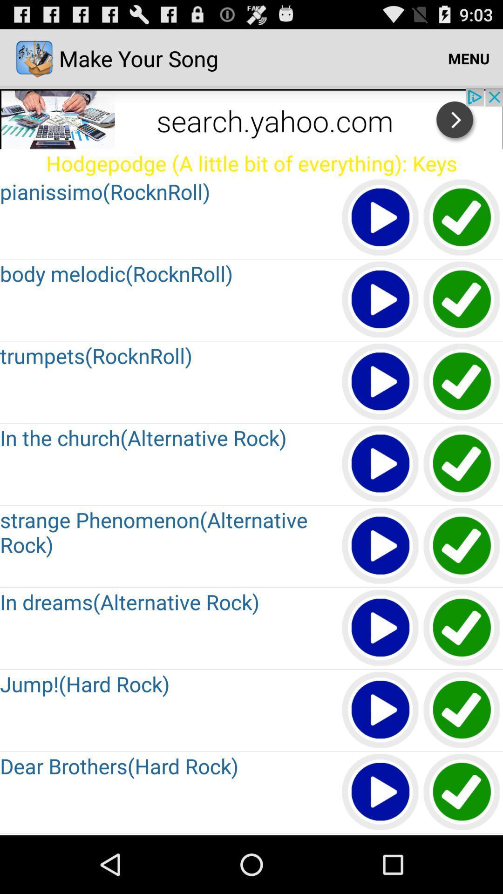 The height and width of the screenshot is (894, 503). Describe the element at coordinates (381, 792) in the screenshot. I see `page` at that location.